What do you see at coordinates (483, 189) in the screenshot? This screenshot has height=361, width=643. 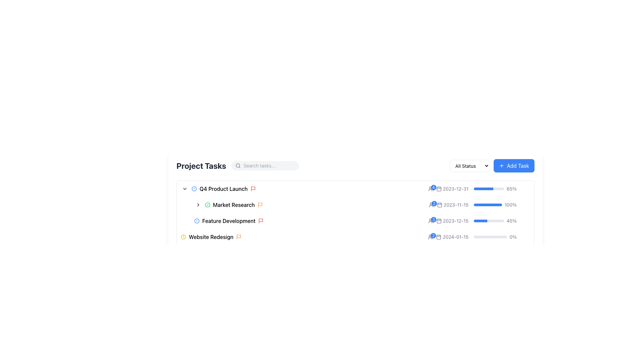 I see `task completion` at bounding box center [483, 189].